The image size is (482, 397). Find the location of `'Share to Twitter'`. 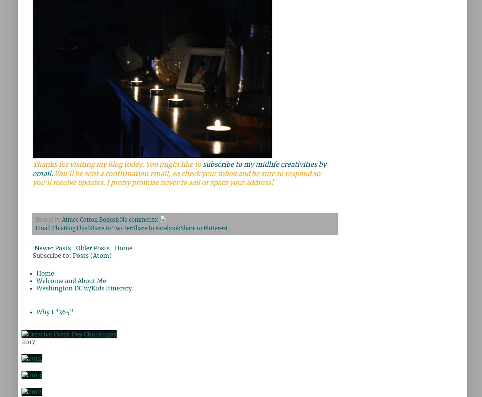

'Share to Twitter' is located at coordinates (110, 228).